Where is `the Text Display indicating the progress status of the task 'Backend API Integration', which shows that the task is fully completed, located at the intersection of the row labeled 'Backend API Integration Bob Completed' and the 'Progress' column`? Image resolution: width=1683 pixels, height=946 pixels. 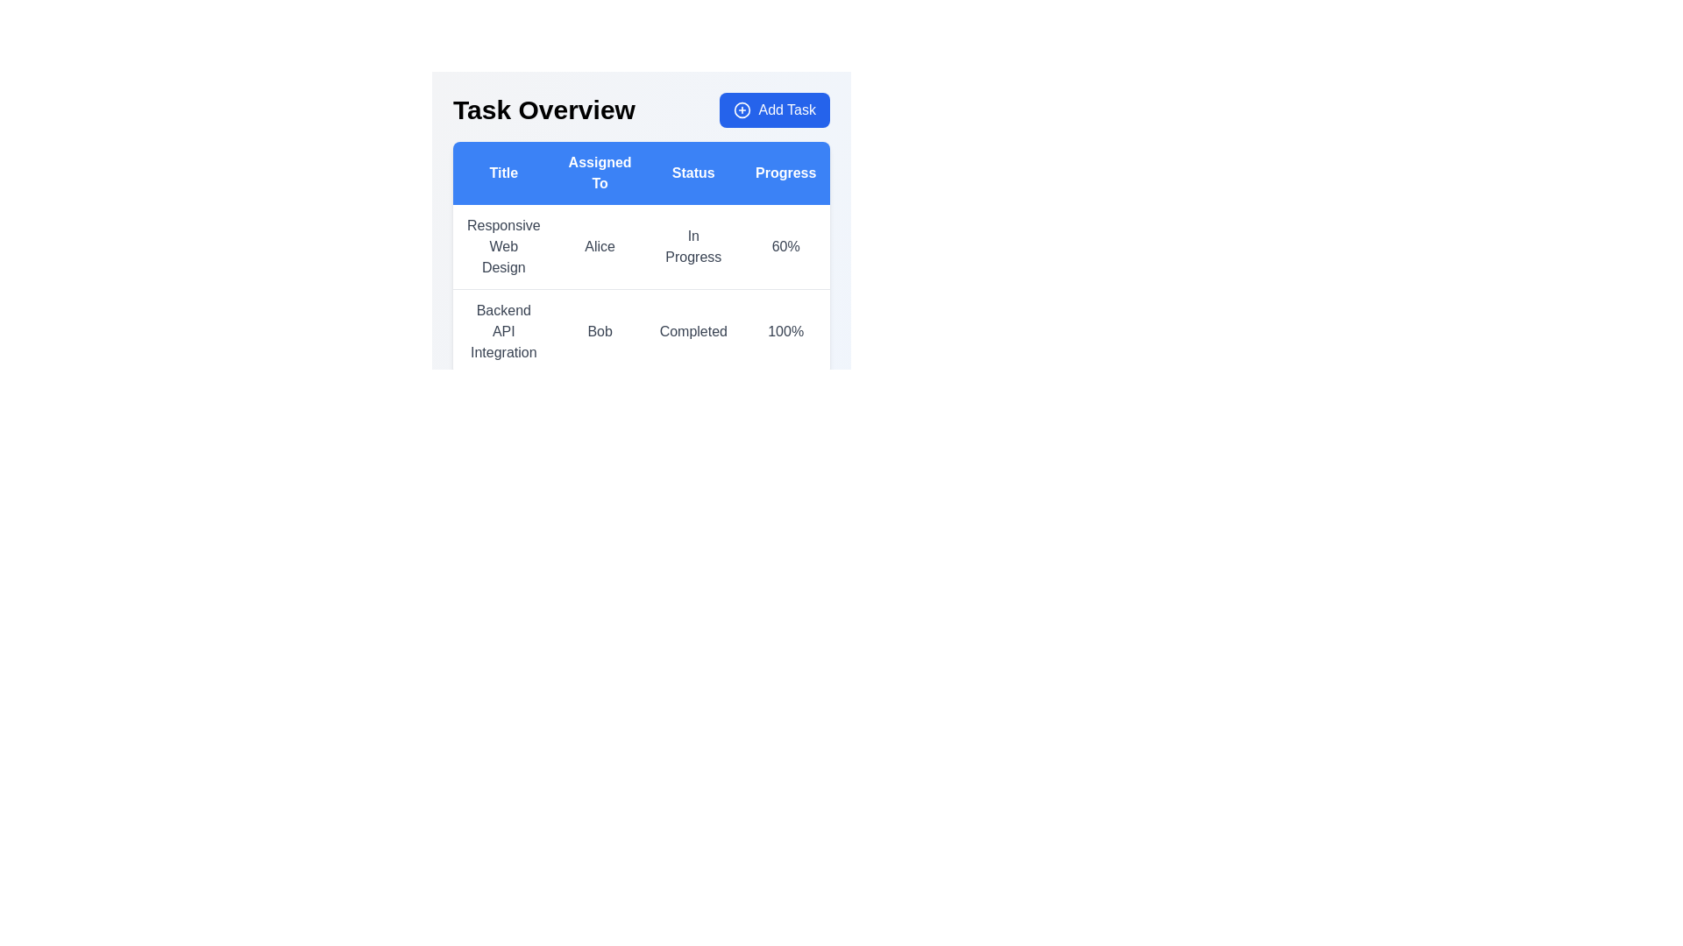 the Text Display indicating the progress status of the task 'Backend API Integration', which shows that the task is fully completed, located at the intersection of the row labeled 'Backend API Integration Bob Completed' and the 'Progress' column is located at coordinates (785, 331).